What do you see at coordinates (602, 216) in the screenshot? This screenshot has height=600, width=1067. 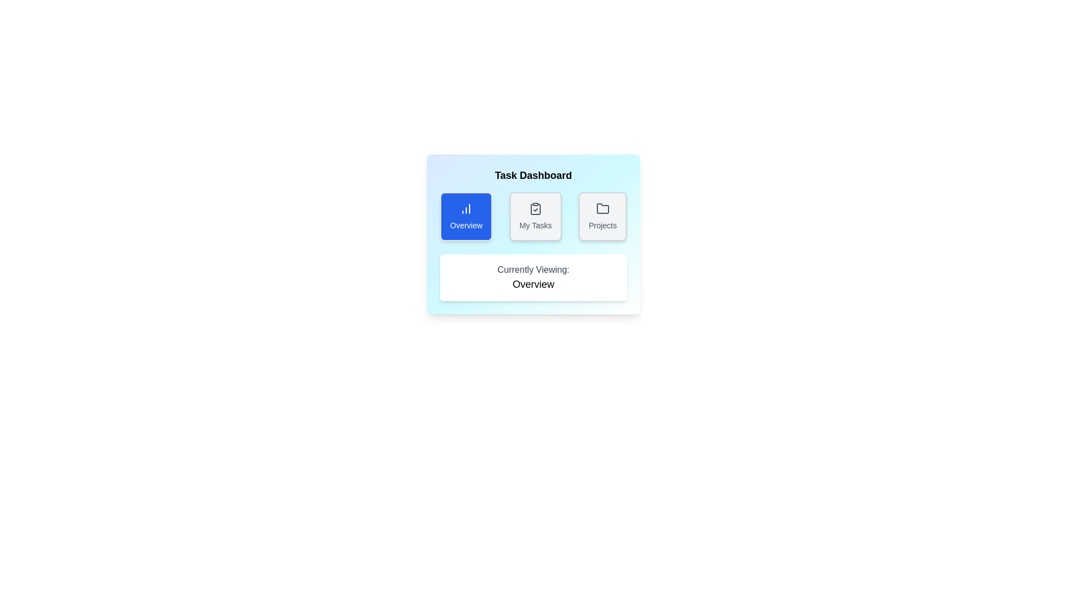 I see `the Projects tab to view its content` at bounding box center [602, 216].